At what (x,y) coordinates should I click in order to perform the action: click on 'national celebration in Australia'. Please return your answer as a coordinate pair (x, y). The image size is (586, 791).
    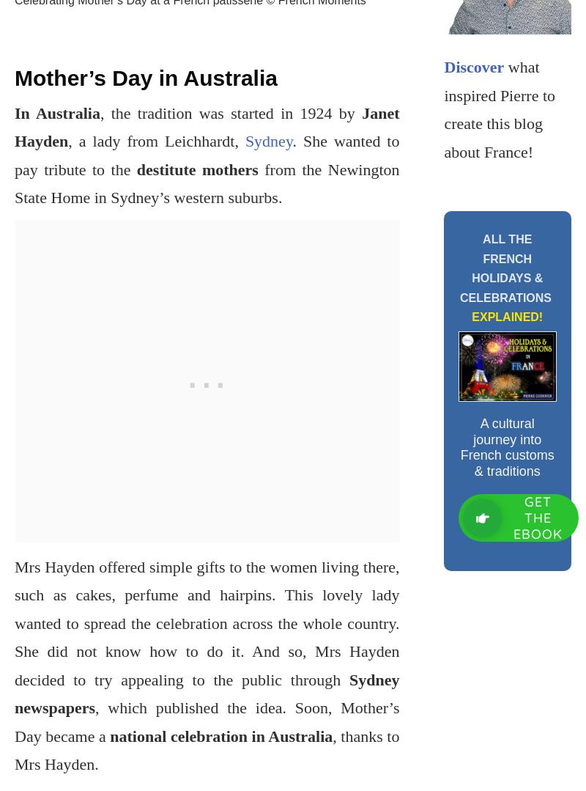
    Looking at the image, I should click on (110, 735).